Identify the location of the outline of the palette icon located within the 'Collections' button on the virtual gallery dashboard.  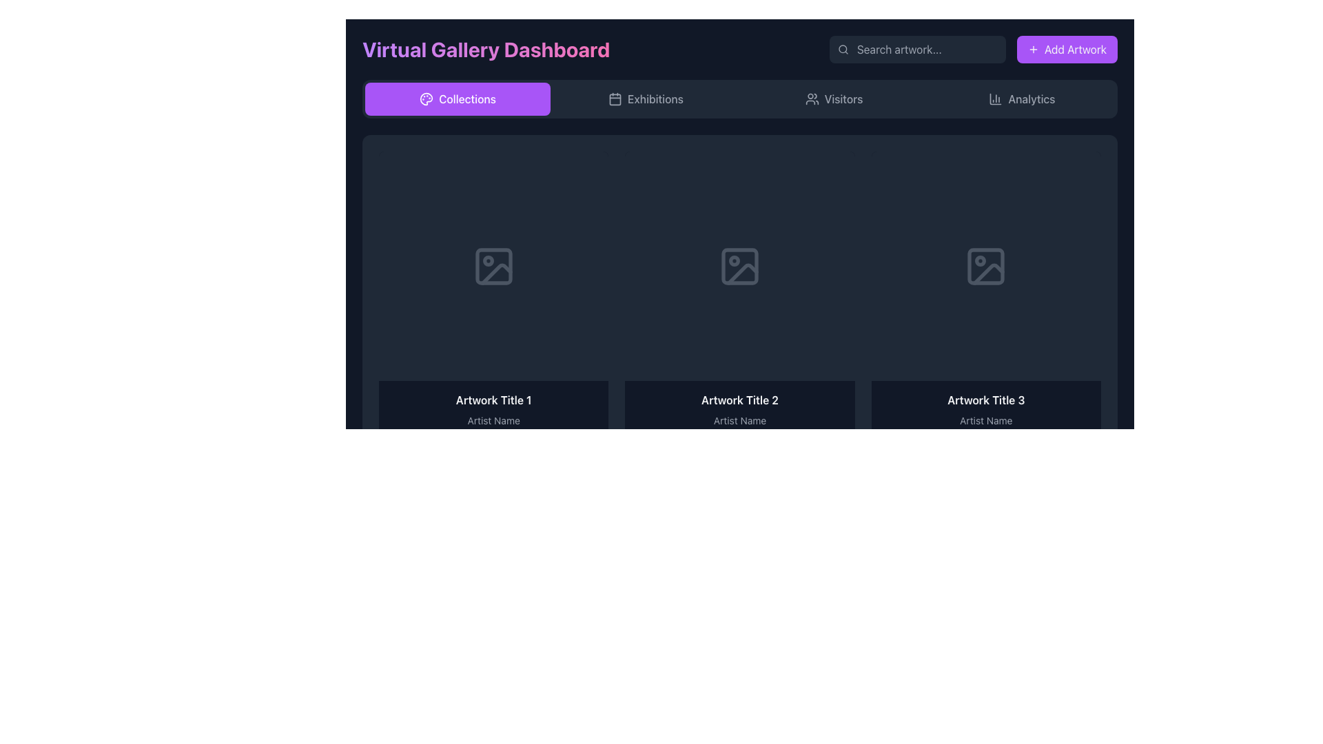
(426, 98).